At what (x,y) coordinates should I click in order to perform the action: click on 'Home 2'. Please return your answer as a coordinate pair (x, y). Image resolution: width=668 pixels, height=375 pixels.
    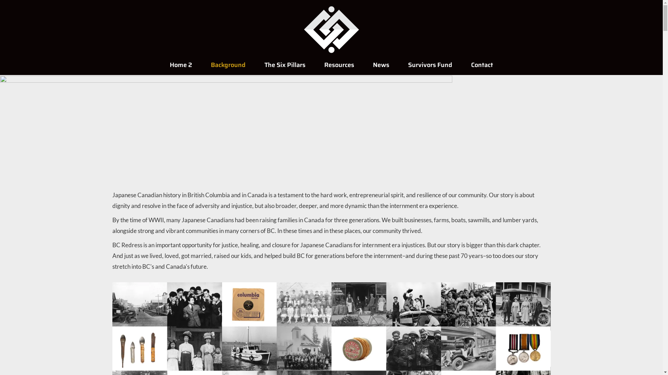
    Looking at the image, I should click on (181, 65).